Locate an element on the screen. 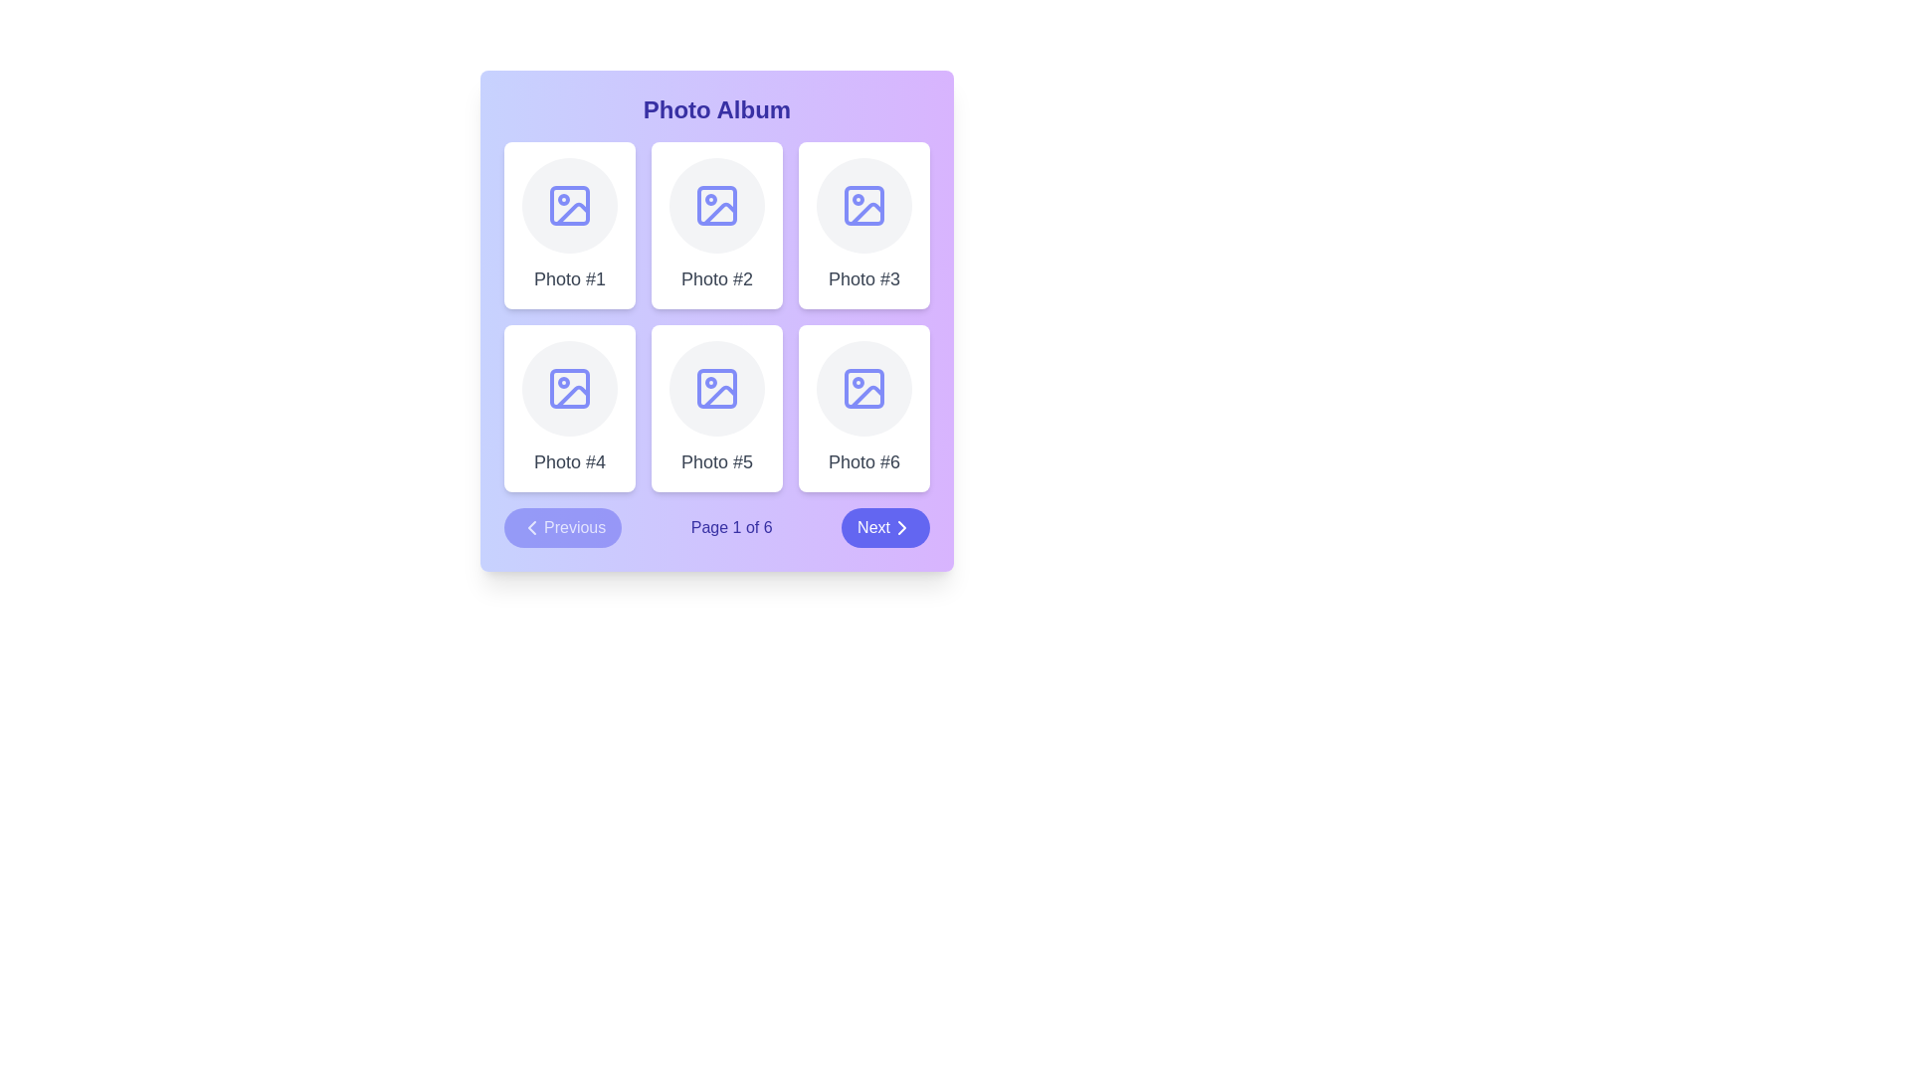 Image resolution: width=1910 pixels, height=1074 pixels. text label 'Photo #1' which is styled with a large font size and gray color, located beneath a circular placeholder image in the first cell of a 2x3 grid layout is located at coordinates (568, 279).